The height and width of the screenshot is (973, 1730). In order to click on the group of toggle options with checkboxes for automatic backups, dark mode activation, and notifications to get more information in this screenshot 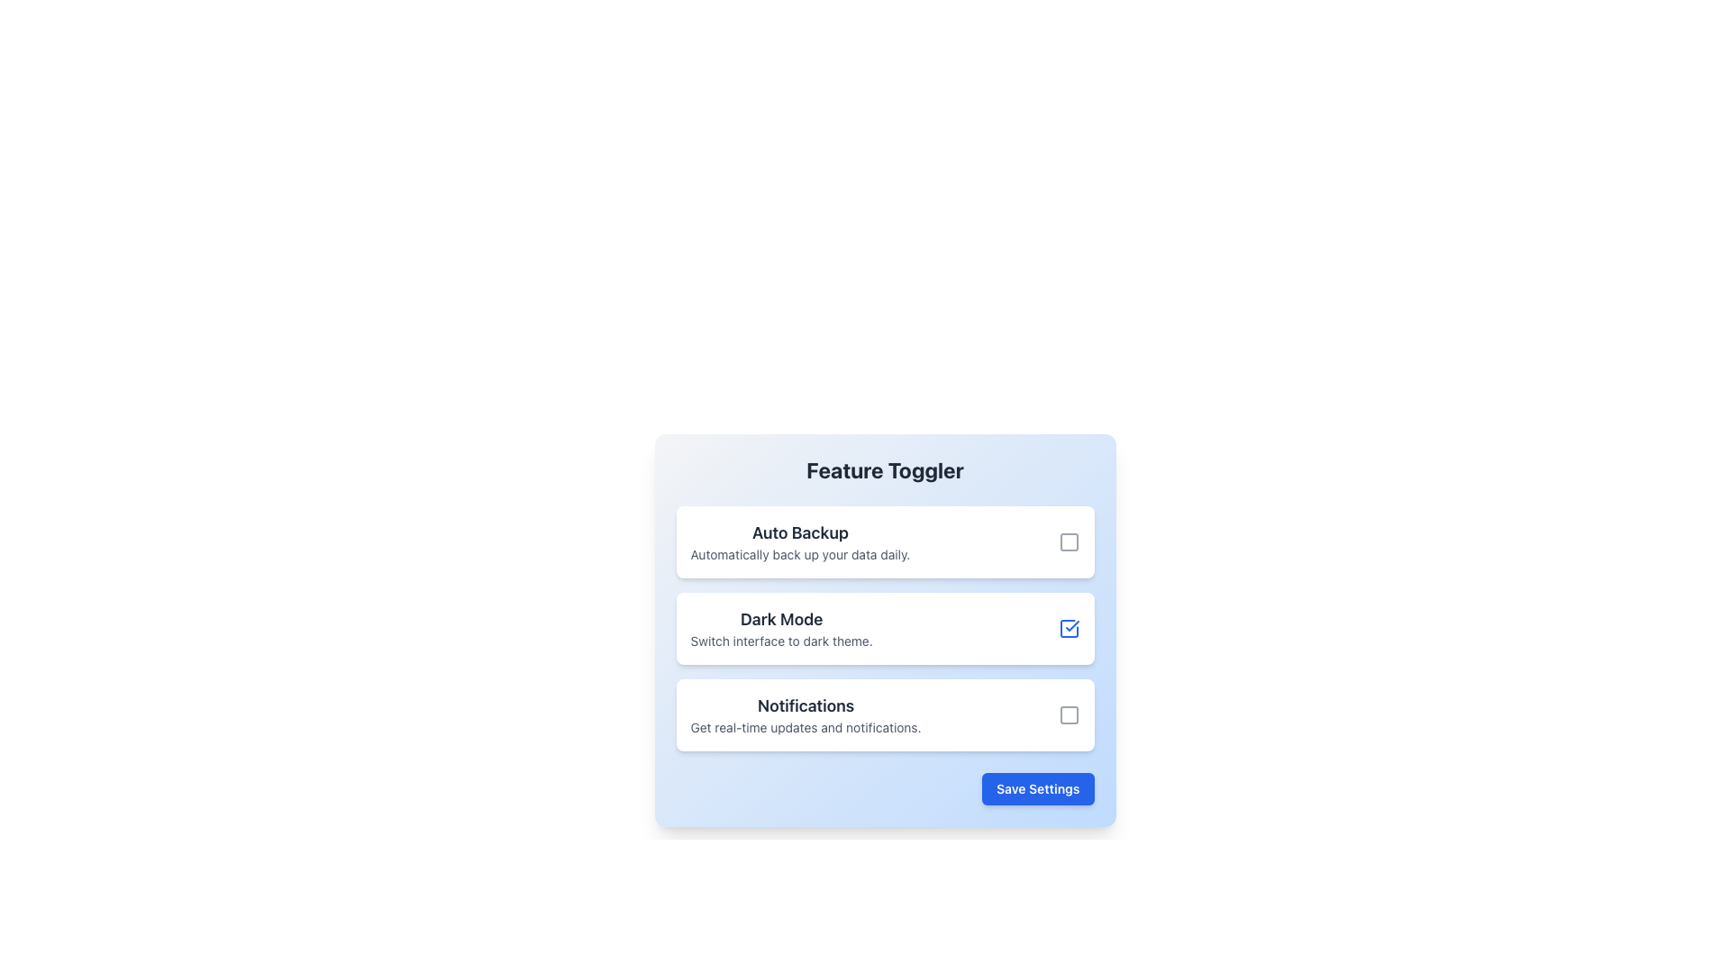, I will do `click(885, 628)`.